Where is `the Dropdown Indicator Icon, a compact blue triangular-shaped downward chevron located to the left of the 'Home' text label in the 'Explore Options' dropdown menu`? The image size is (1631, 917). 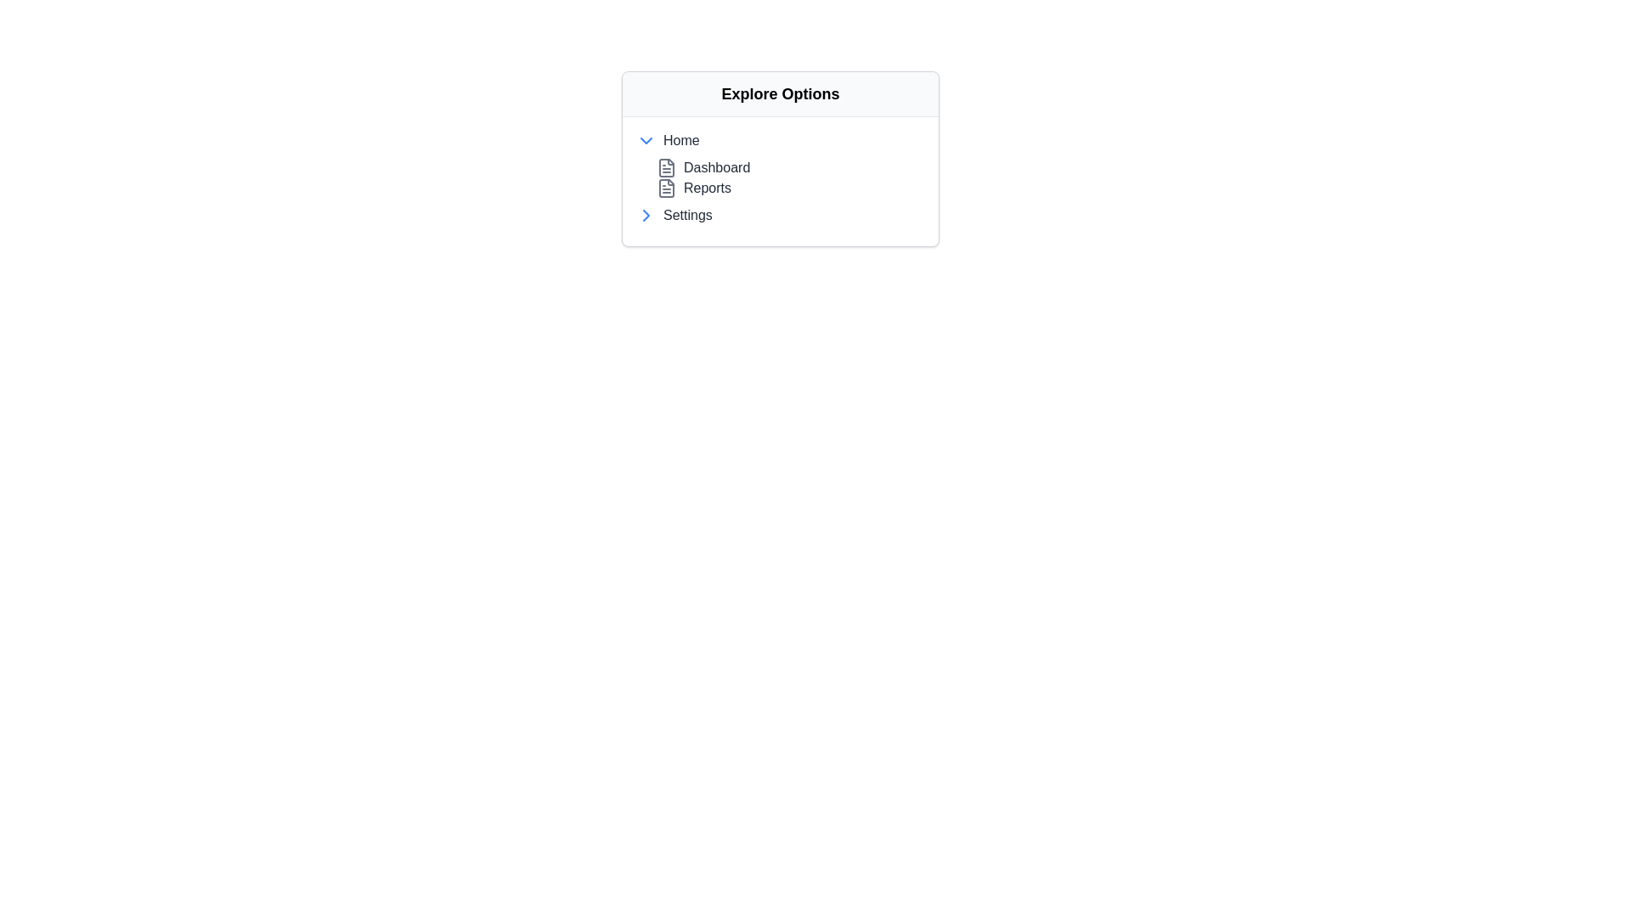 the Dropdown Indicator Icon, a compact blue triangular-shaped downward chevron located to the left of the 'Home' text label in the 'Explore Options' dropdown menu is located at coordinates (646, 139).